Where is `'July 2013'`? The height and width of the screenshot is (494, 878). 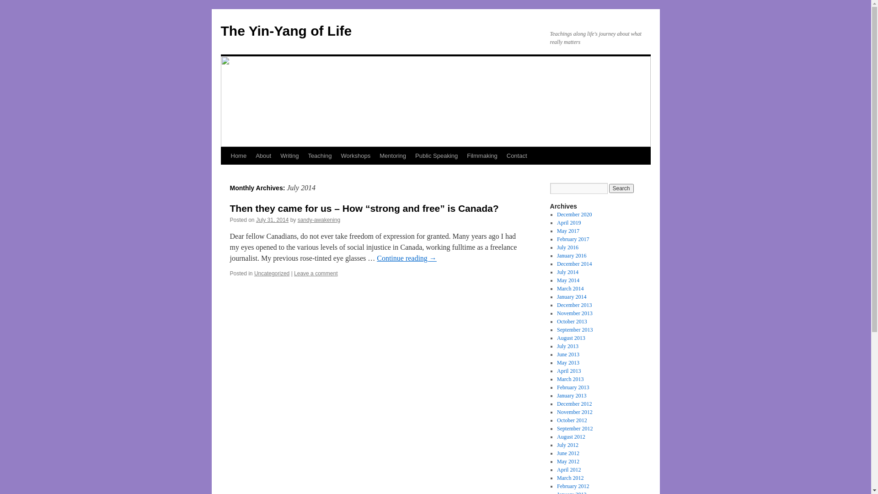 'July 2013' is located at coordinates (567, 346).